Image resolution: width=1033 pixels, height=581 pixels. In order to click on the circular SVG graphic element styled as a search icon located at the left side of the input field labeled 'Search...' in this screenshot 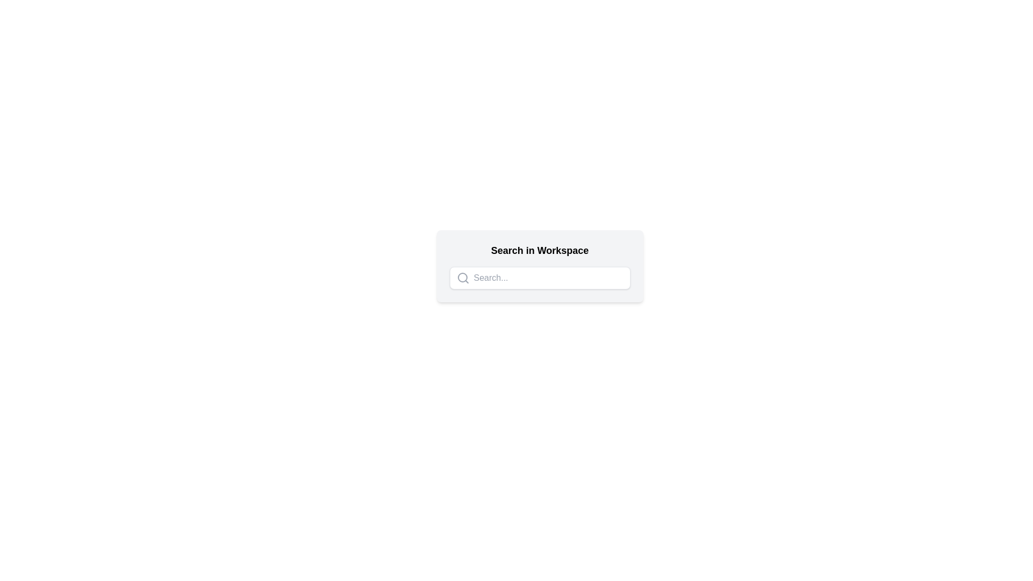, I will do `click(462, 277)`.